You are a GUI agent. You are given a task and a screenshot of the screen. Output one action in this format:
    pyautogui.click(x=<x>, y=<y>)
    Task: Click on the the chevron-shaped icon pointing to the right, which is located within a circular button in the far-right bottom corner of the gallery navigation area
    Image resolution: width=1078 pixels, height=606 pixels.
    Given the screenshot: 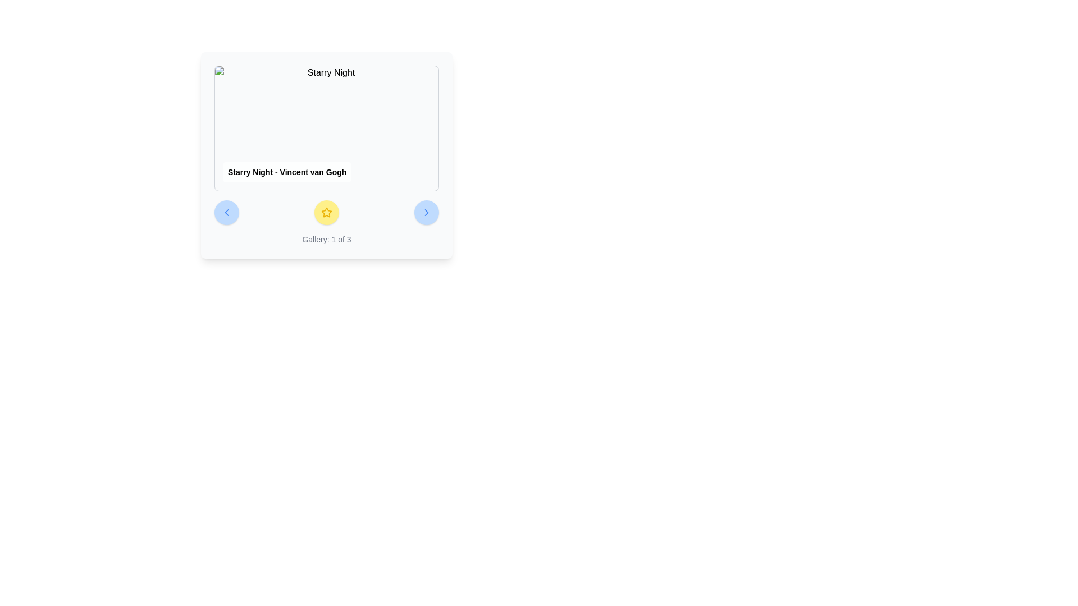 What is the action you would take?
    pyautogui.click(x=426, y=212)
    